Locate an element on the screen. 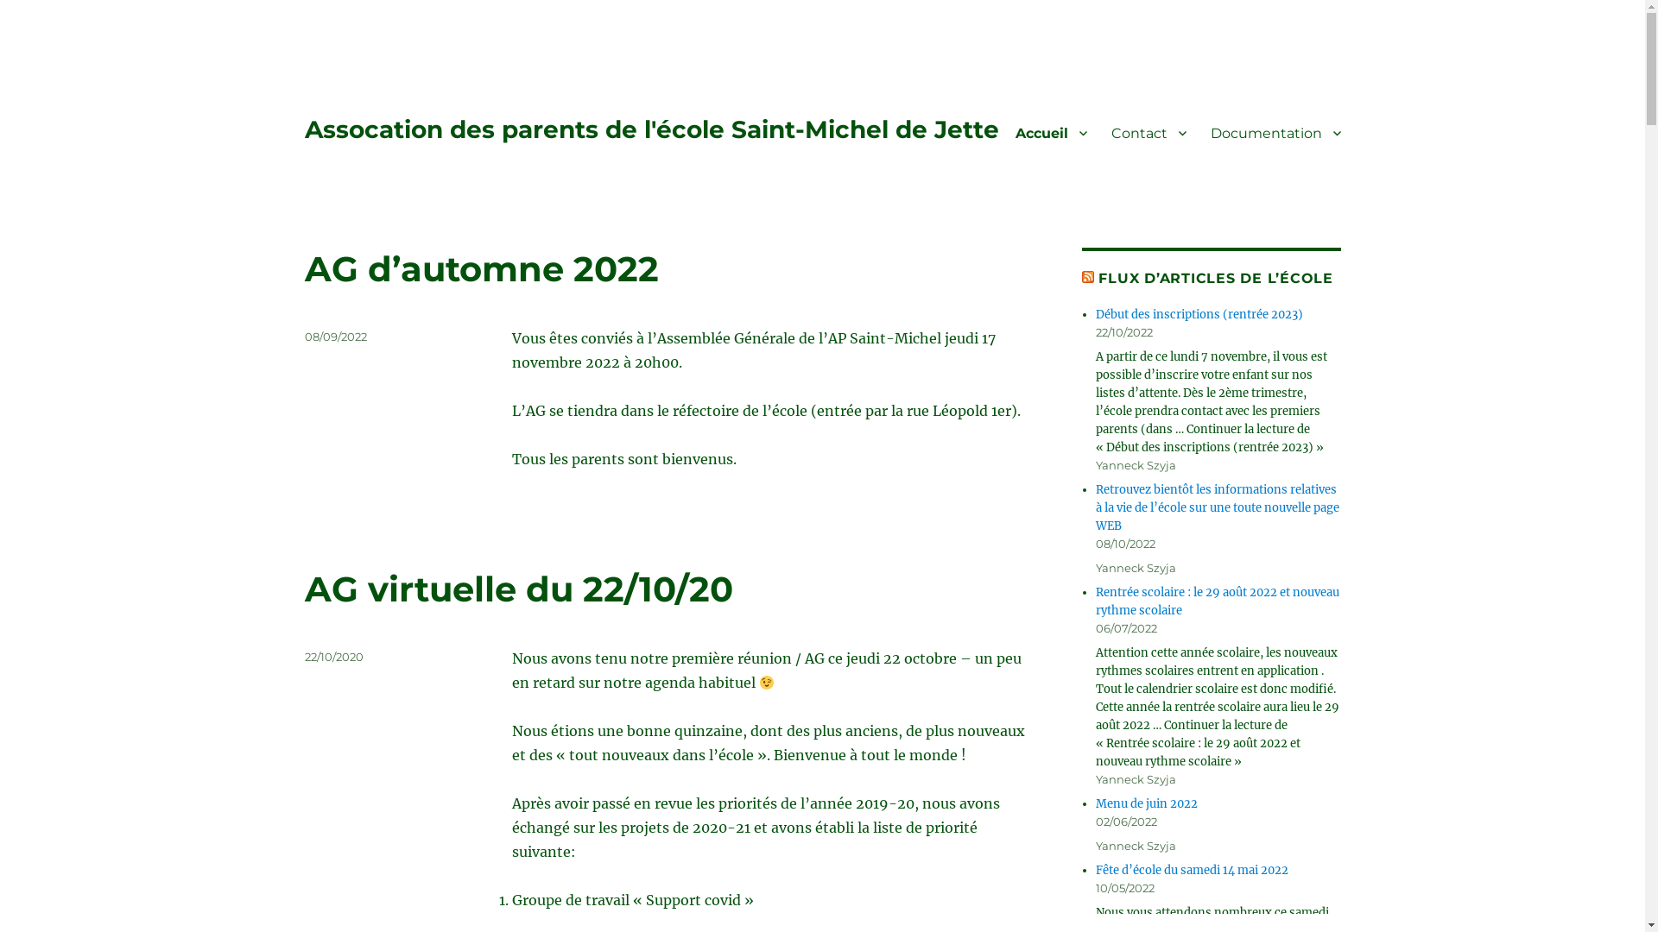 The width and height of the screenshot is (1658, 932). 'Contact' is located at coordinates (1098, 132).